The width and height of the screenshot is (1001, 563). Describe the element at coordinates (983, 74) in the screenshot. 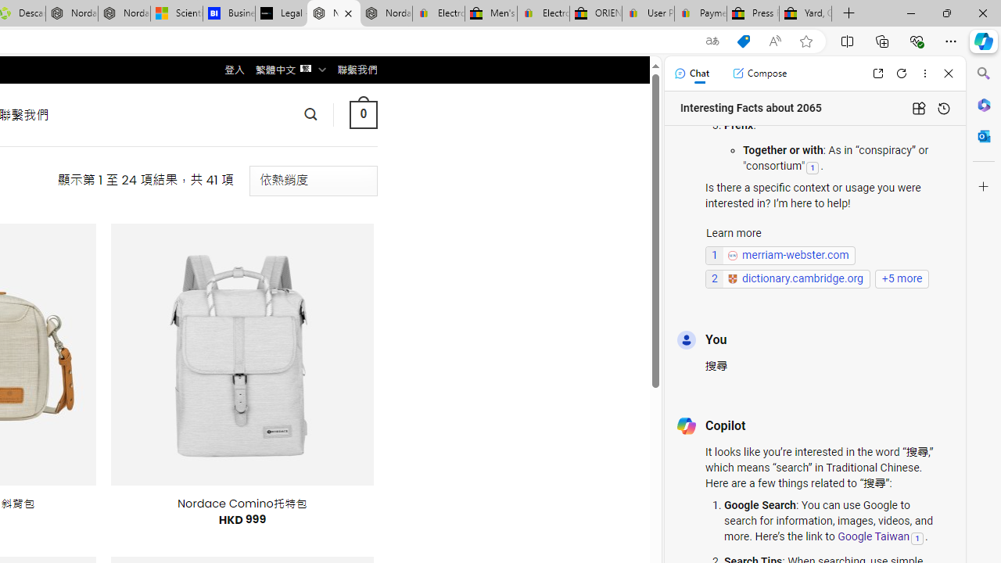

I see `'Minimize Search pane'` at that location.